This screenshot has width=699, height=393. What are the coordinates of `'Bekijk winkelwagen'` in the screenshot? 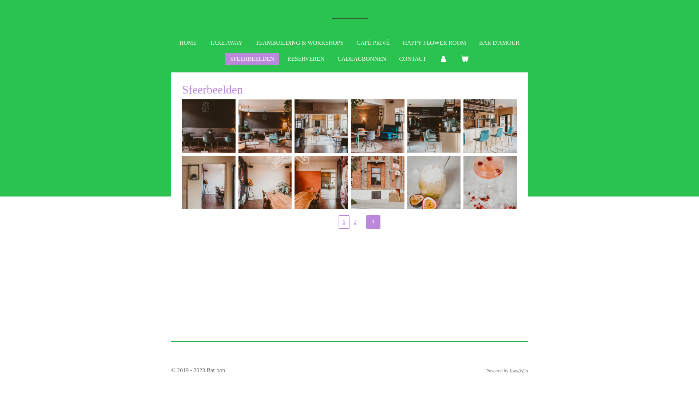 It's located at (464, 59).